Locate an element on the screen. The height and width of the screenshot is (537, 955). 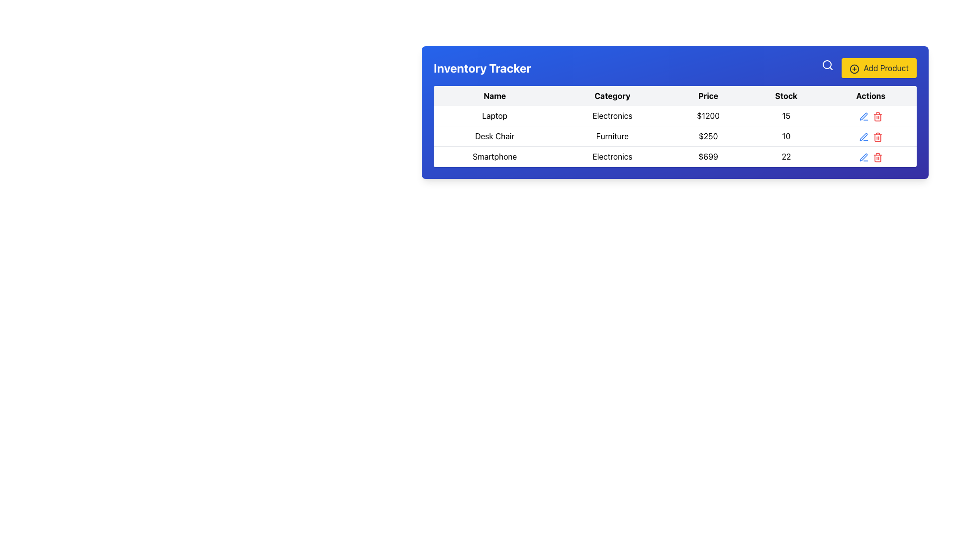
the third row in the 'Inventory Tracker' table that displays information about the product 'Smartphone' is located at coordinates (675, 157).